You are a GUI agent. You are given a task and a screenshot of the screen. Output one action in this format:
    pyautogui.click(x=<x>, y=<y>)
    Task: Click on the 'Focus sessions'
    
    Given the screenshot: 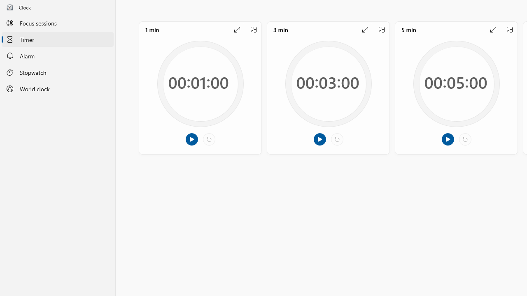 What is the action you would take?
    pyautogui.click(x=57, y=23)
    